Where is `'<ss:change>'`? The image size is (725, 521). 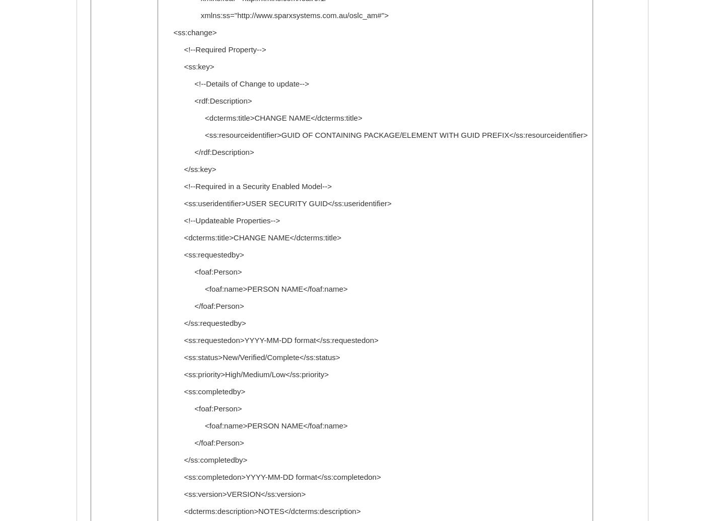 '<ss:change>' is located at coordinates (189, 32).